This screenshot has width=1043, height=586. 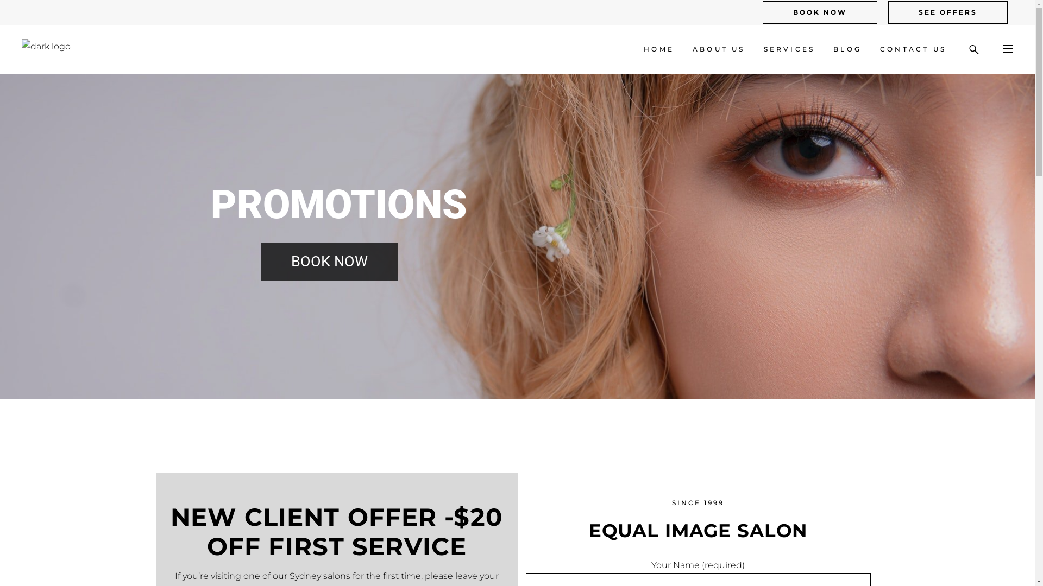 What do you see at coordinates (947, 12) in the screenshot?
I see `'SEE OFFERS'` at bounding box center [947, 12].